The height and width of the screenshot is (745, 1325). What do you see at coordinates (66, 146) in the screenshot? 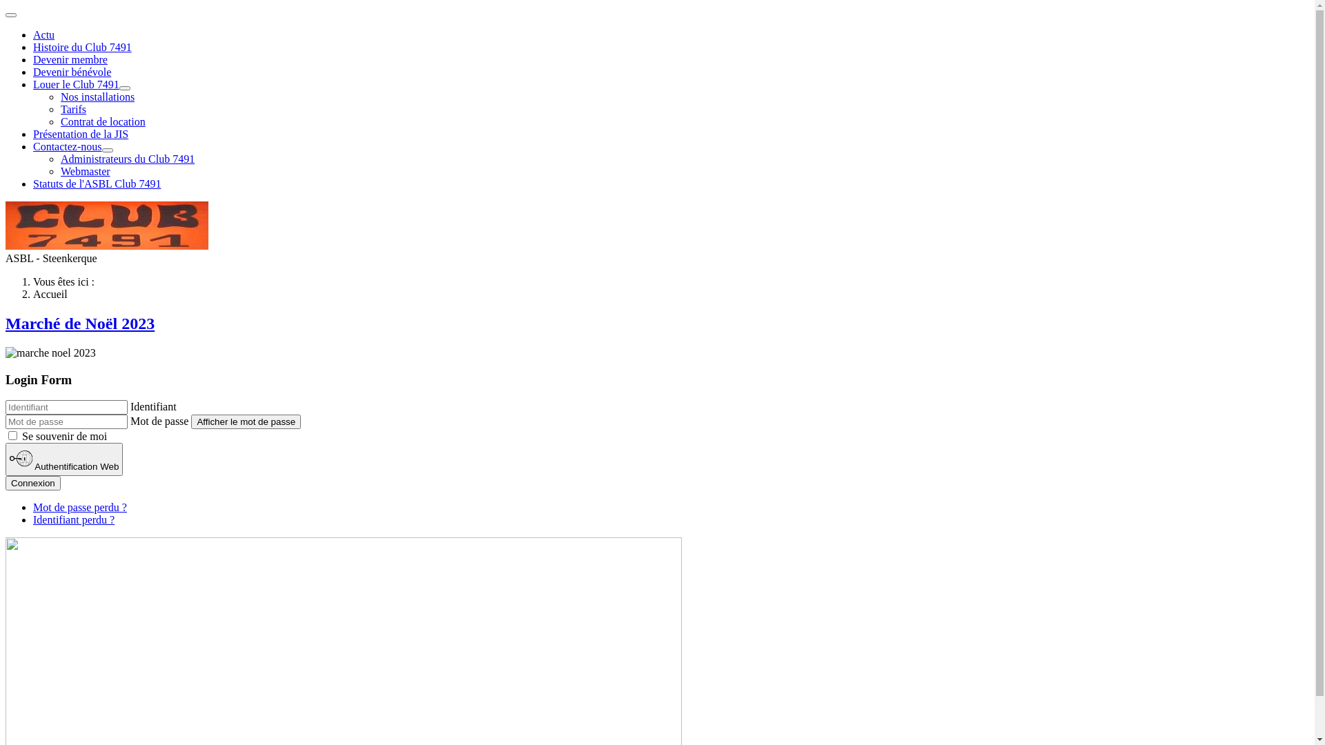
I see `'Contactez-nous'` at bounding box center [66, 146].